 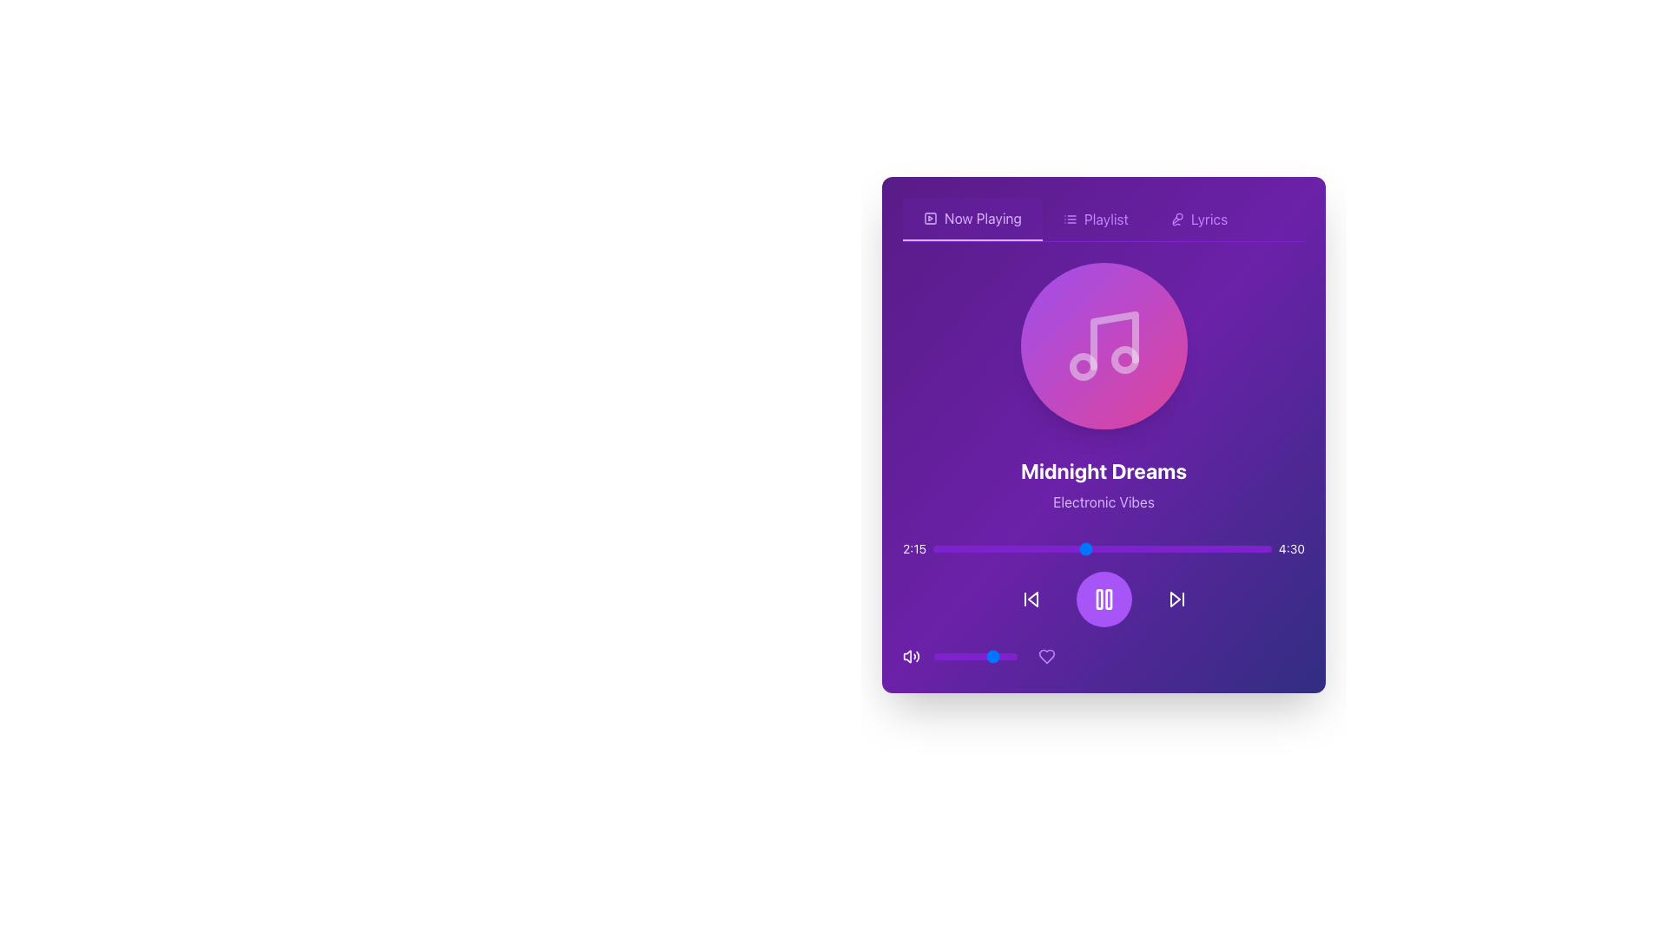 I want to click on the media player icon featuring a right-pointing triangular play symbol, located to the left of the 'Now Playing' text label in the header of the media player interface, so click(x=929, y=217).